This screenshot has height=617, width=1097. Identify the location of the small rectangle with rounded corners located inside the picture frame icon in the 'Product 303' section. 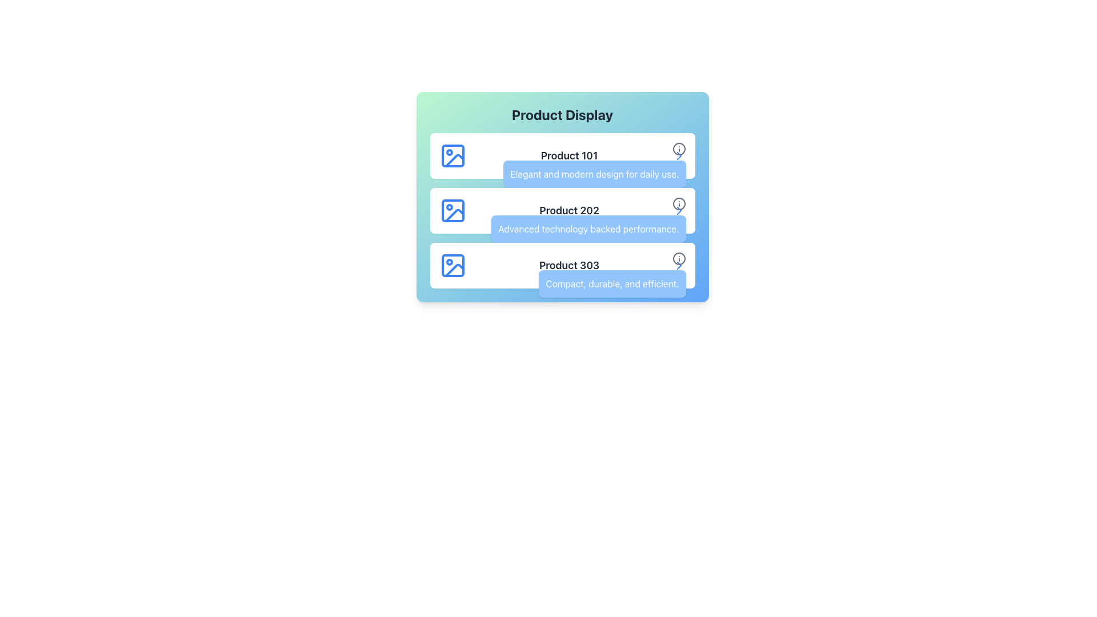
(452, 266).